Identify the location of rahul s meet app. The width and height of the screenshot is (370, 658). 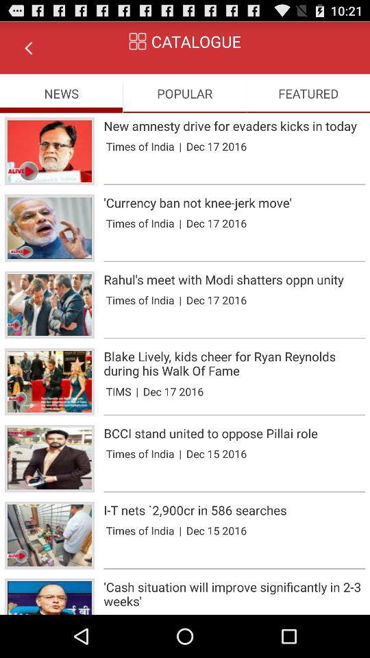
(234, 279).